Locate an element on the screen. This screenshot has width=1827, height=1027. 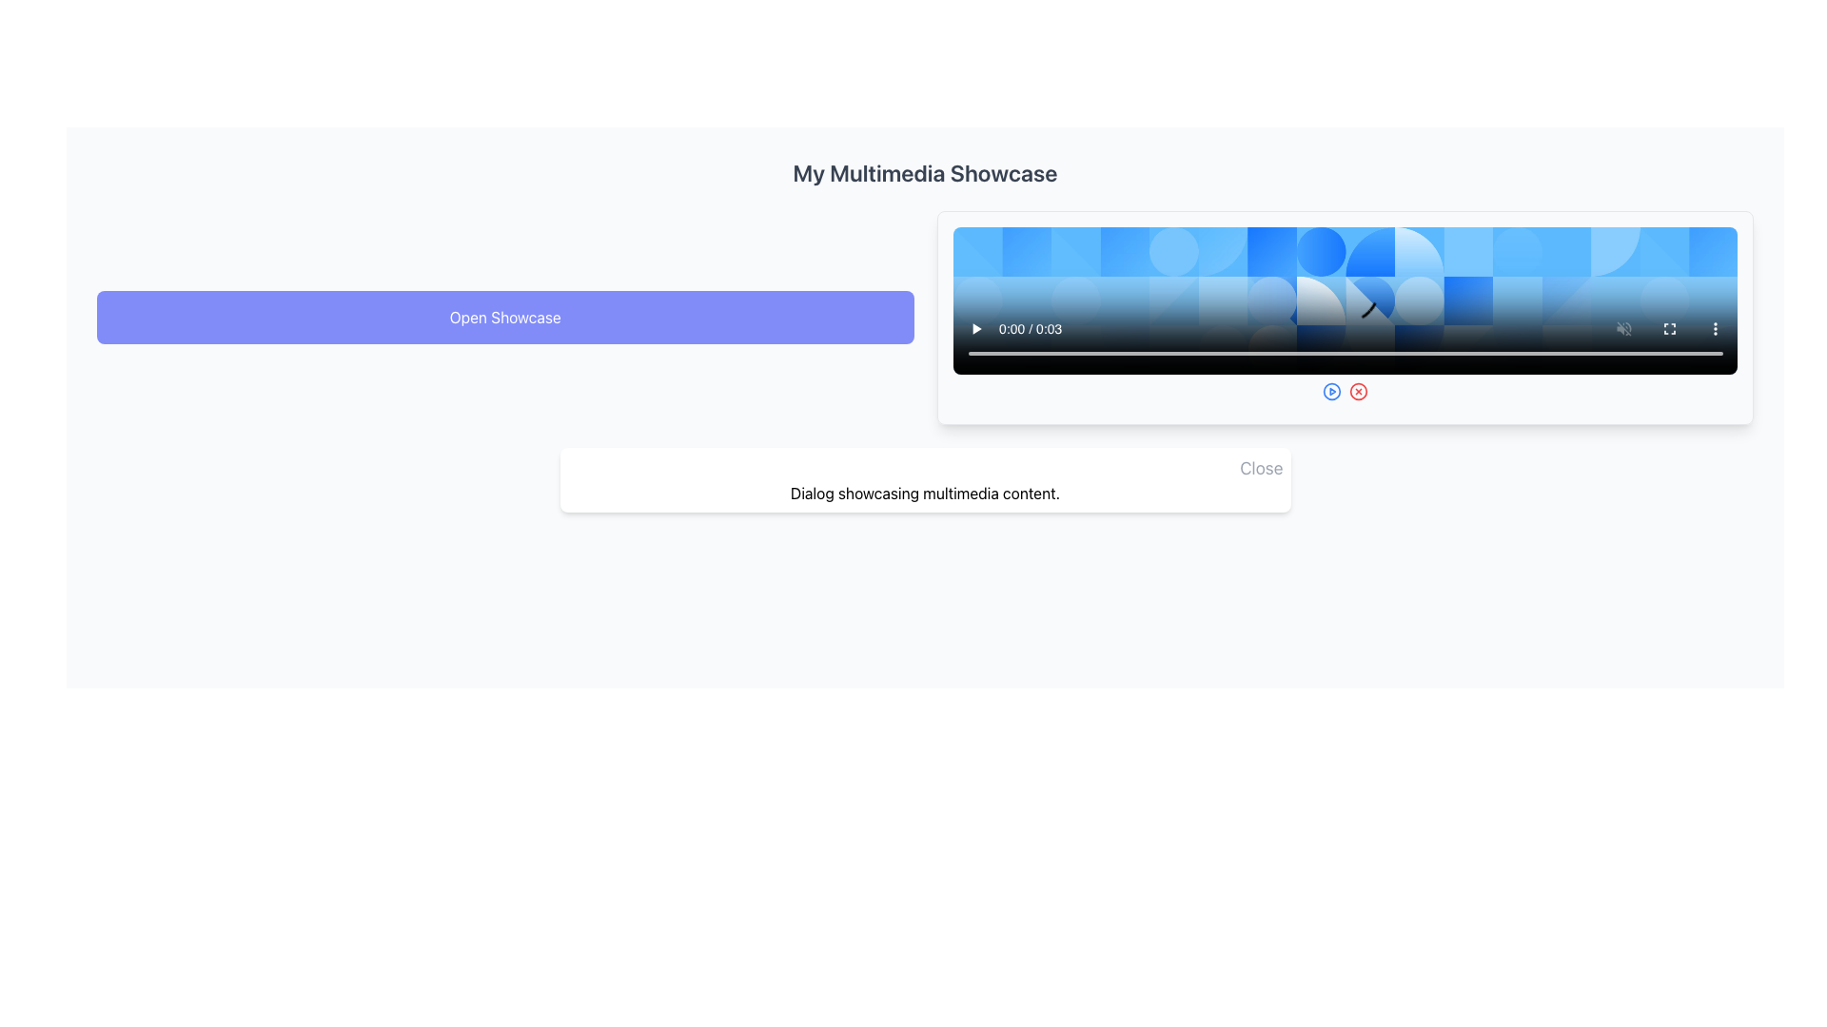
the 'Open Showcase' button, which is a wide rectangular button with rounded borders and solid indigo color is located at coordinates (505, 317).